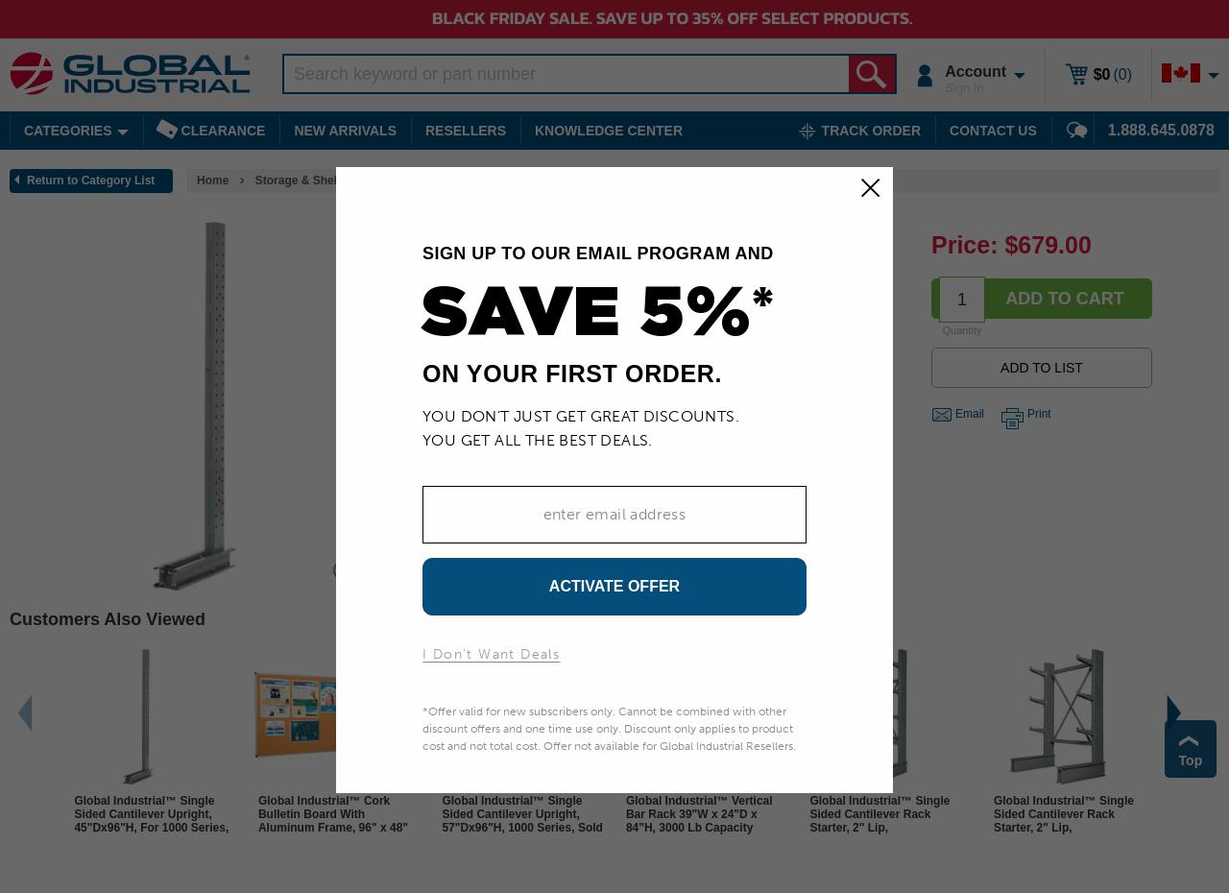 The image size is (1229, 893). What do you see at coordinates (74, 821) in the screenshot?
I see `'Global Industrial™ Single Sided Cantilever Upright, 45"Dx96"H, For 1000 Series, Sold Per Each'` at bounding box center [74, 821].